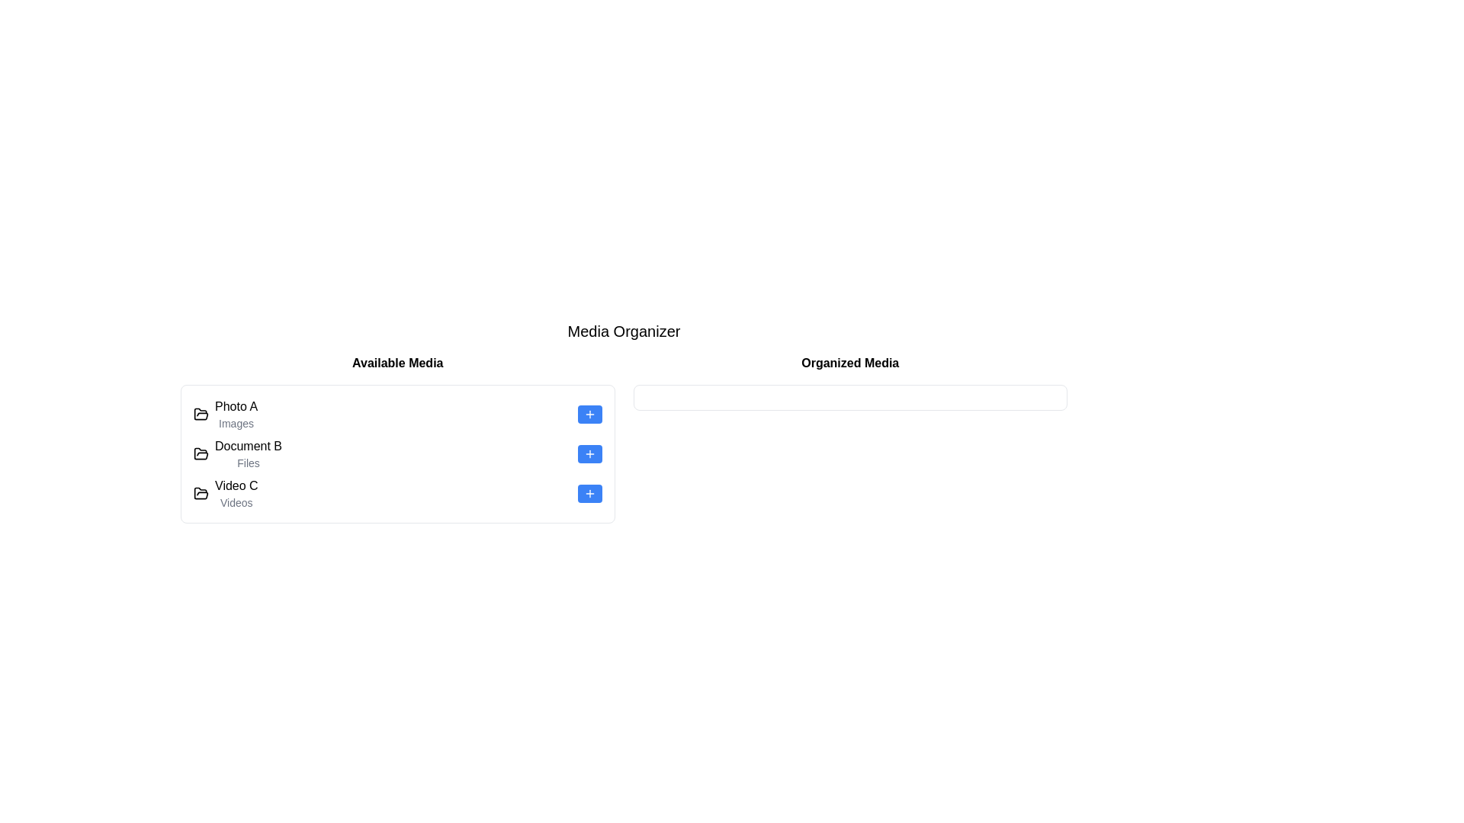 Image resolution: width=1464 pixels, height=823 pixels. Describe the element at coordinates (236, 405) in the screenshot. I see `the 'Photo A' text label` at that location.